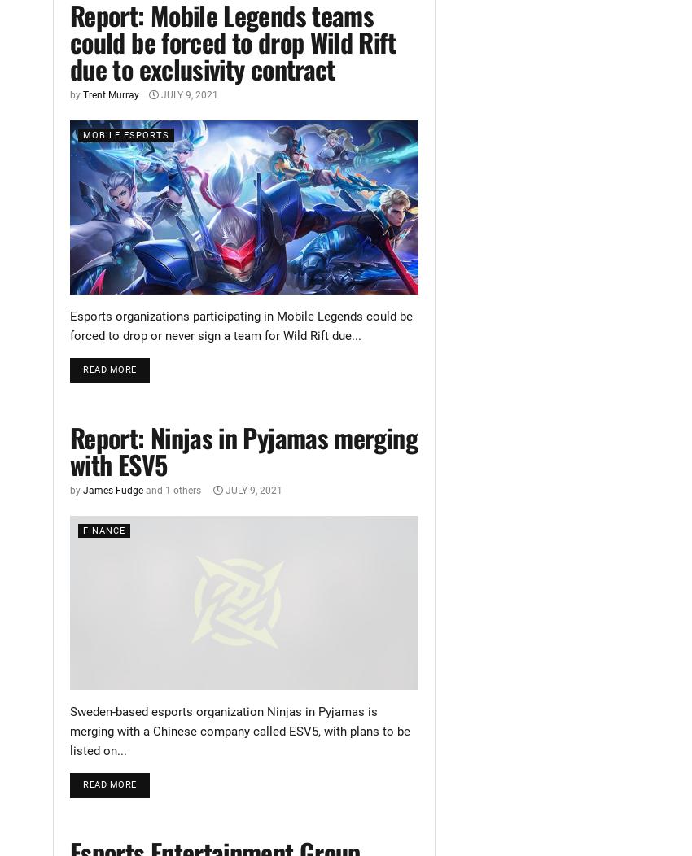 The width and height of the screenshot is (692, 856). What do you see at coordinates (243, 450) in the screenshot?
I see `'Report: Ninjas in Pyjamas merging with ESV5'` at bounding box center [243, 450].